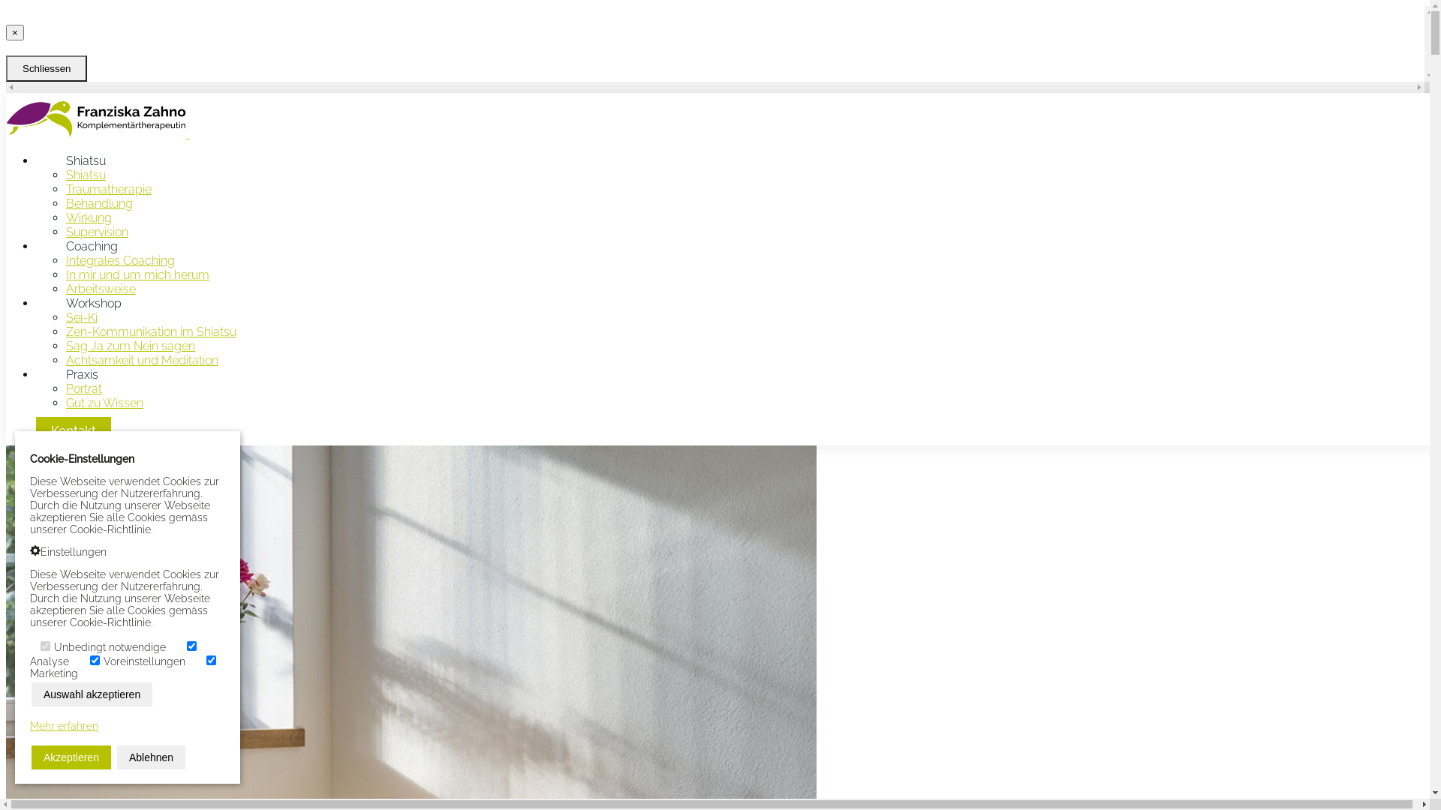 The image size is (1441, 810). I want to click on 'In mir und um mich herum', so click(137, 274).